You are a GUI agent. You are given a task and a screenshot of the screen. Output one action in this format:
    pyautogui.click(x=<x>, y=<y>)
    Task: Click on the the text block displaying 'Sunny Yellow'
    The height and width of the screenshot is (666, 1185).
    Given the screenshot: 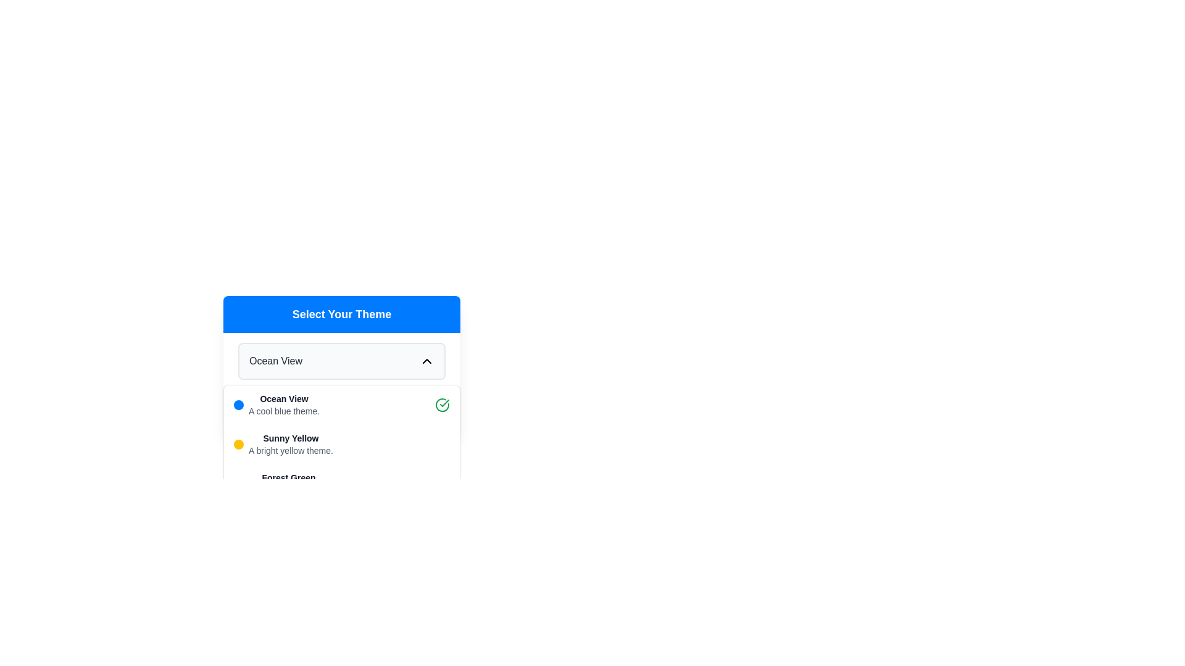 What is the action you would take?
    pyautogui.click(x=290, y=445)
    